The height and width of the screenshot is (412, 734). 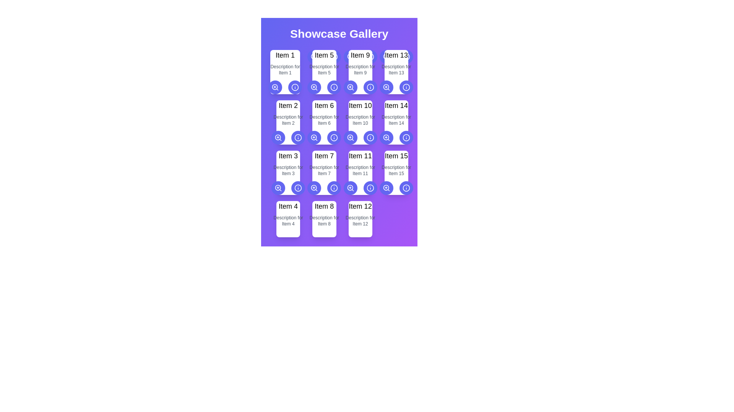 I want to click on the Display card titled 'Item 3' located in the second row and first column of the grid under 'Showcase Gallery', so click(x=288, y=172).